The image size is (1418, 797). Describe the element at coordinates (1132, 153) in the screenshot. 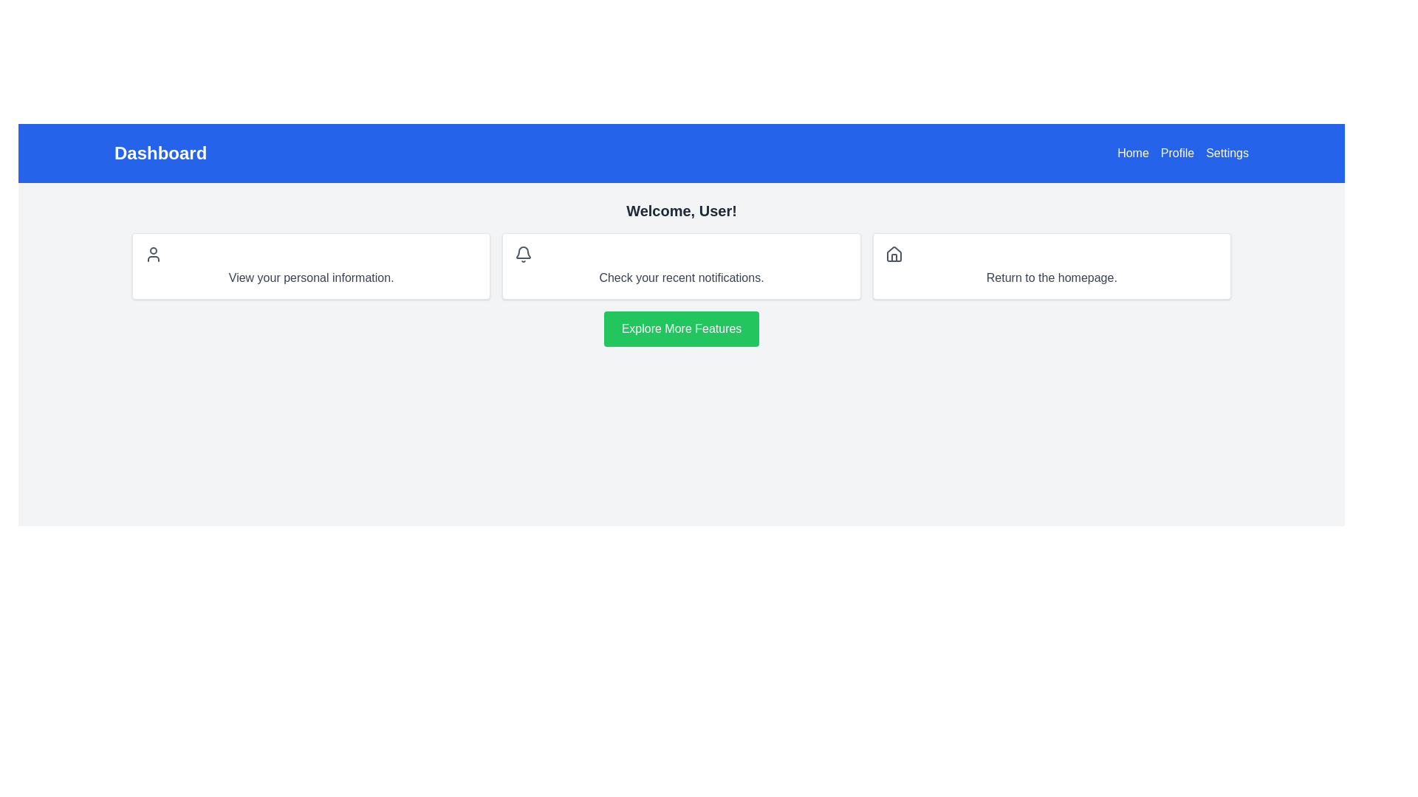

I see `the 'Home' interactive text link in the top navigation bar` at that location.